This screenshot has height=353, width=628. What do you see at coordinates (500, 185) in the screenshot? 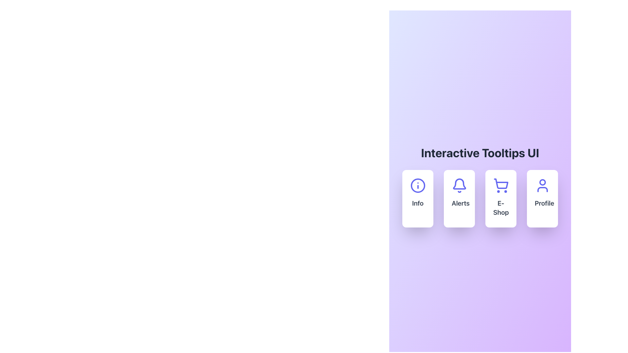
I see `the shopping cart icon in the 'E-Shop' section` at bounding box center [500, 185].